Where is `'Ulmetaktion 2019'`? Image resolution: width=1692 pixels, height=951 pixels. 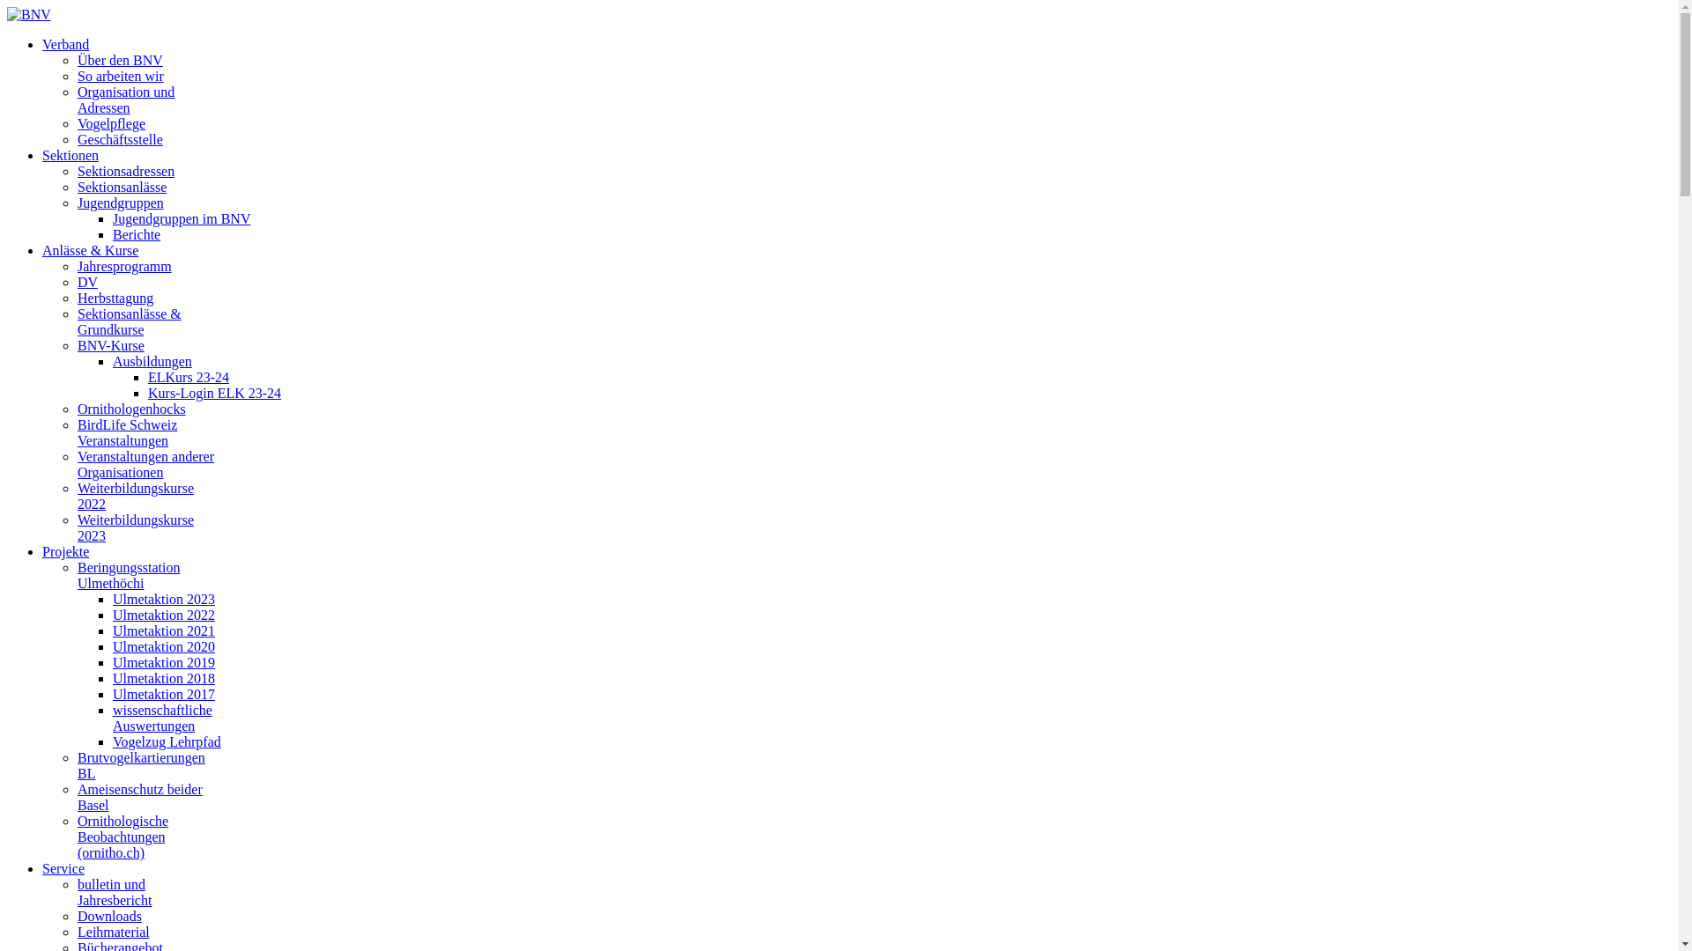
'Ulmetaktion 2019' is located at coordinates (164, 662).